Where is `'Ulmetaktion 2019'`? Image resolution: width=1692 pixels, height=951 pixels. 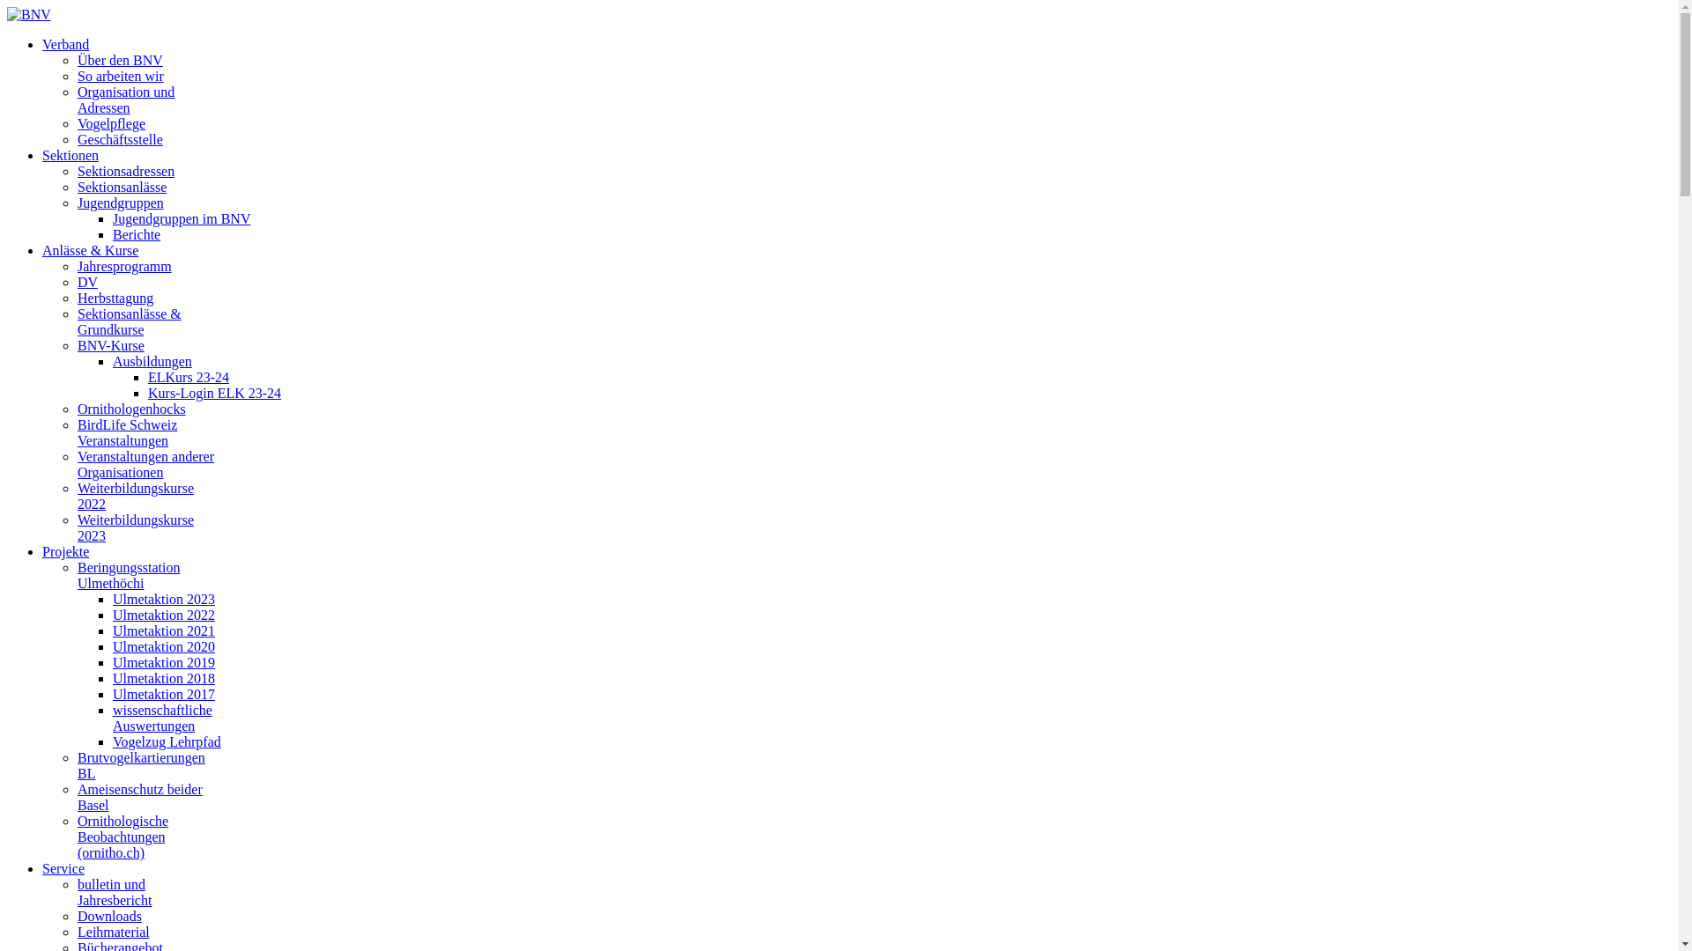
'Ulmetaktion 2019' is located at coordinates (164, 662).